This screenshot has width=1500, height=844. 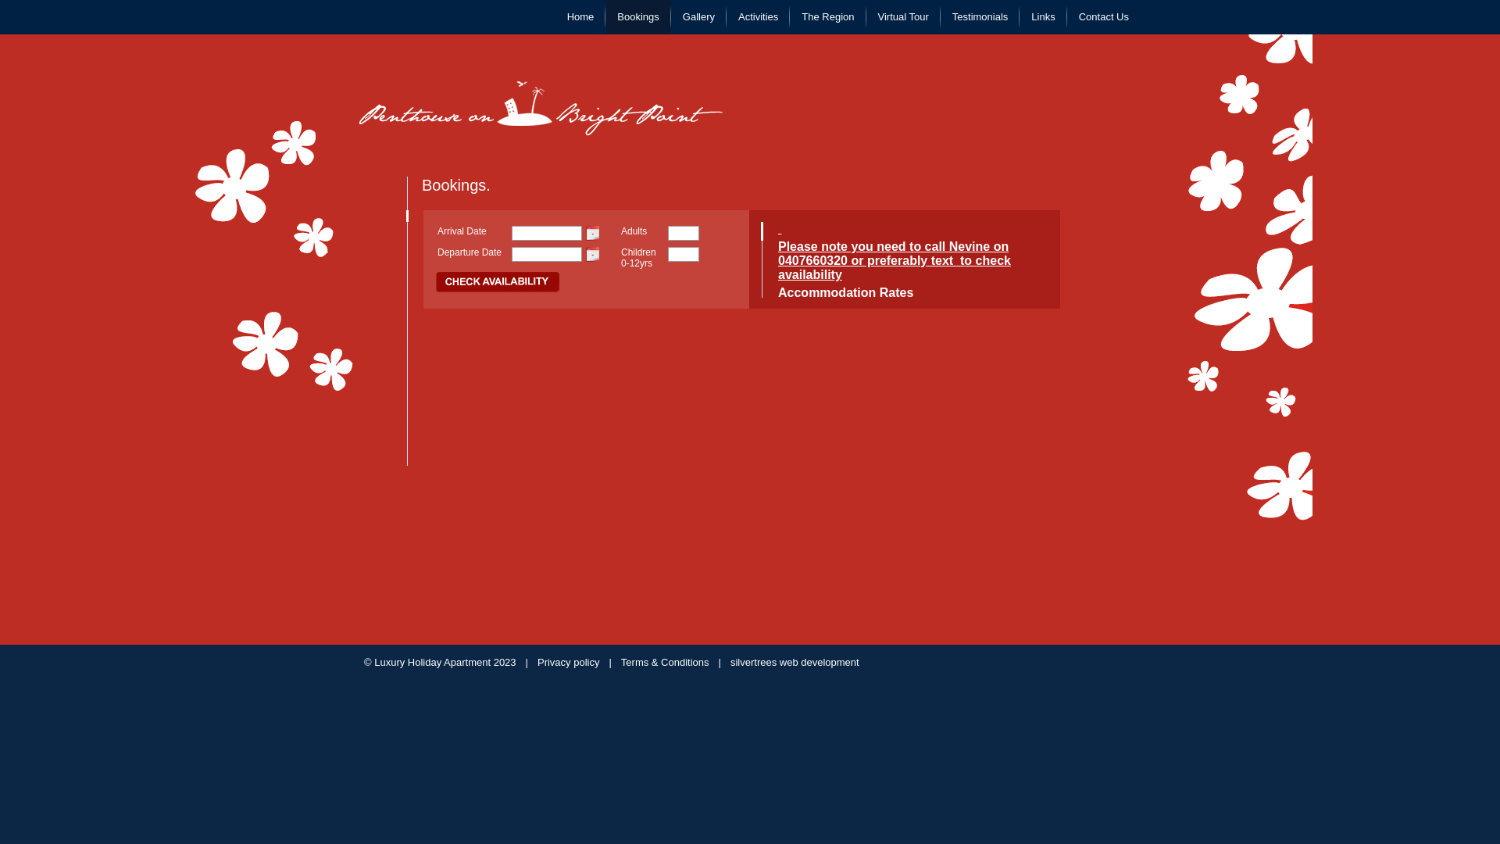 I want to click on 'Penthouse on Bright Point', so click(x=541, y=107).